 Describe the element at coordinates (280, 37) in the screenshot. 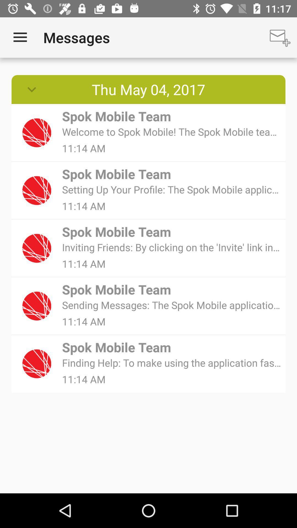

I see `the icon next to the messages app` at that location.